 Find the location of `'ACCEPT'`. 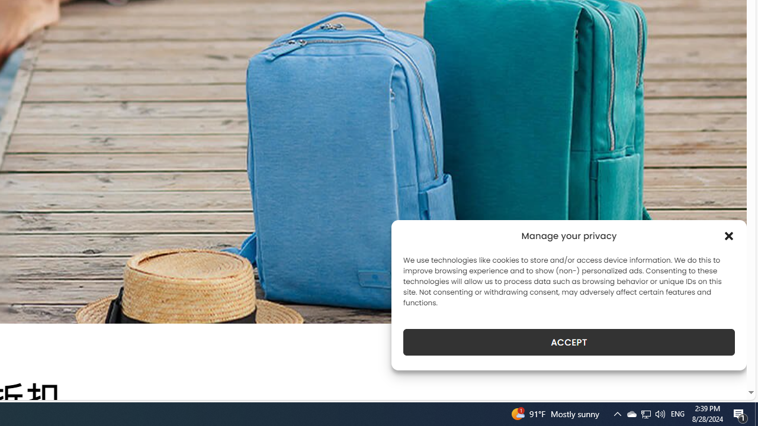

'ACCEPT' is located at coordinates (569, 342).